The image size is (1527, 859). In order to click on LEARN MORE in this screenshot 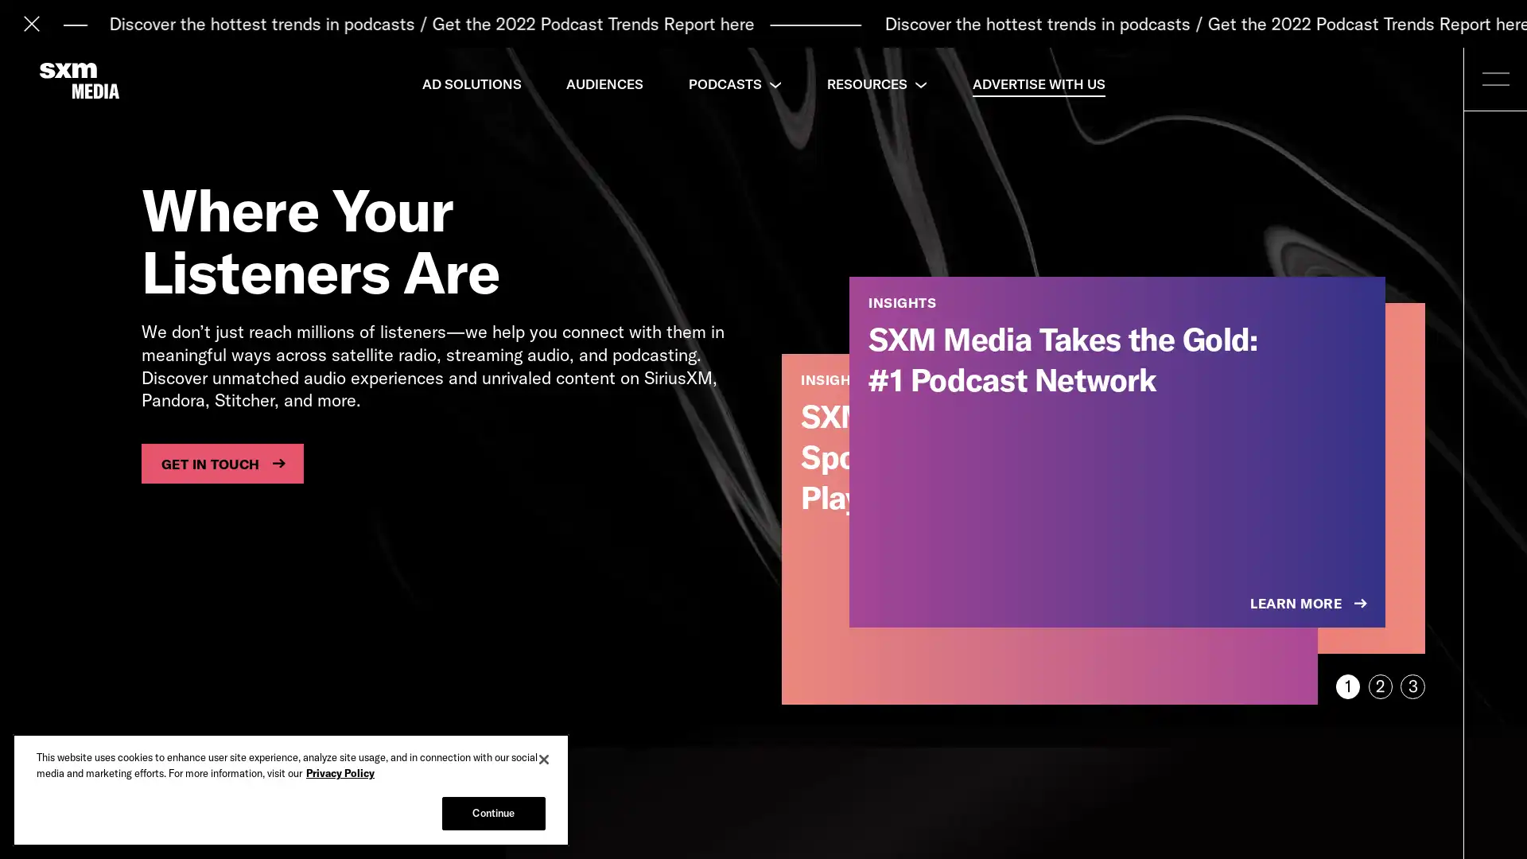, I will do `click(1310, 604)`.